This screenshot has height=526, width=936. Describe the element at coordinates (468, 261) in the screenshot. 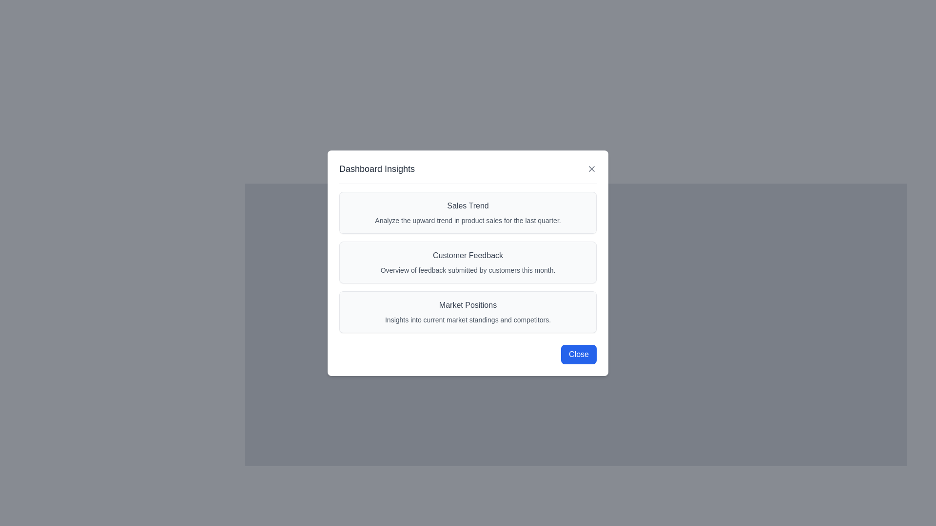

I see `the grouped content panel containing insights on sales trends, customer feedback, and market standings located in the 'Dashboard Insights' modal` at that location.